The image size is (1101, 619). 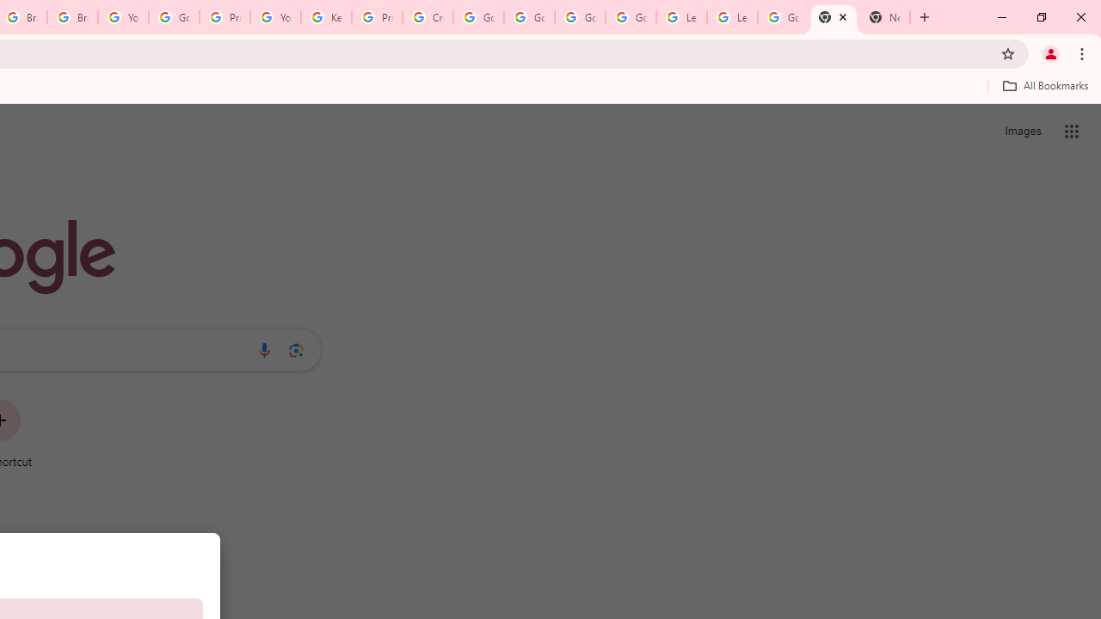 I want to click on 'New Tab', so click(x=833, y=17).